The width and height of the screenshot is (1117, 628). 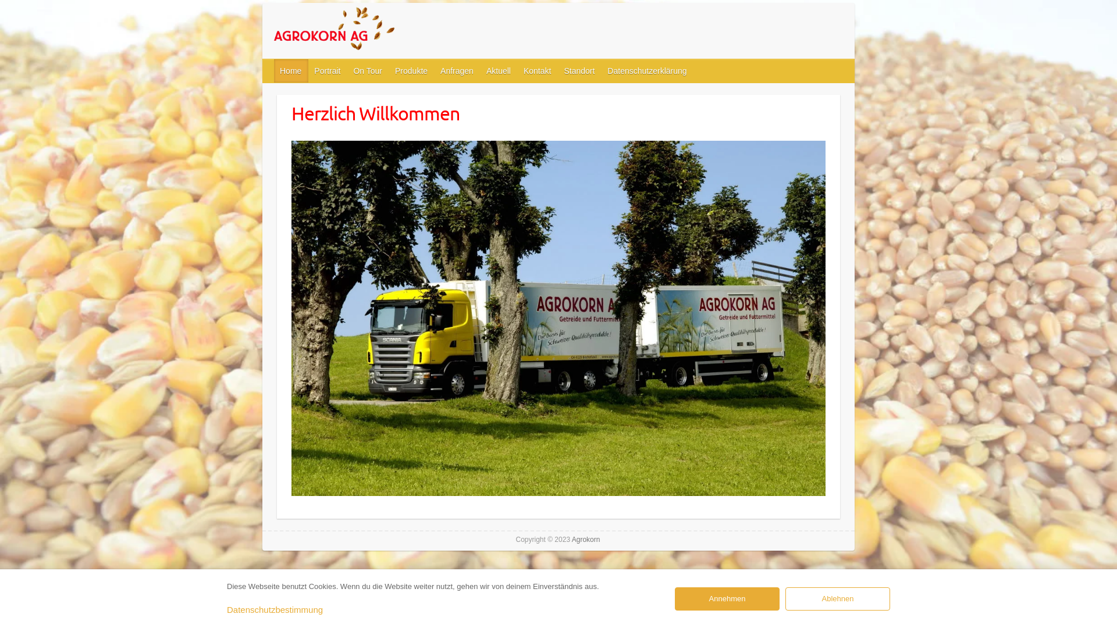 I want to click on 'Portrait', so click(x=327, y=71).